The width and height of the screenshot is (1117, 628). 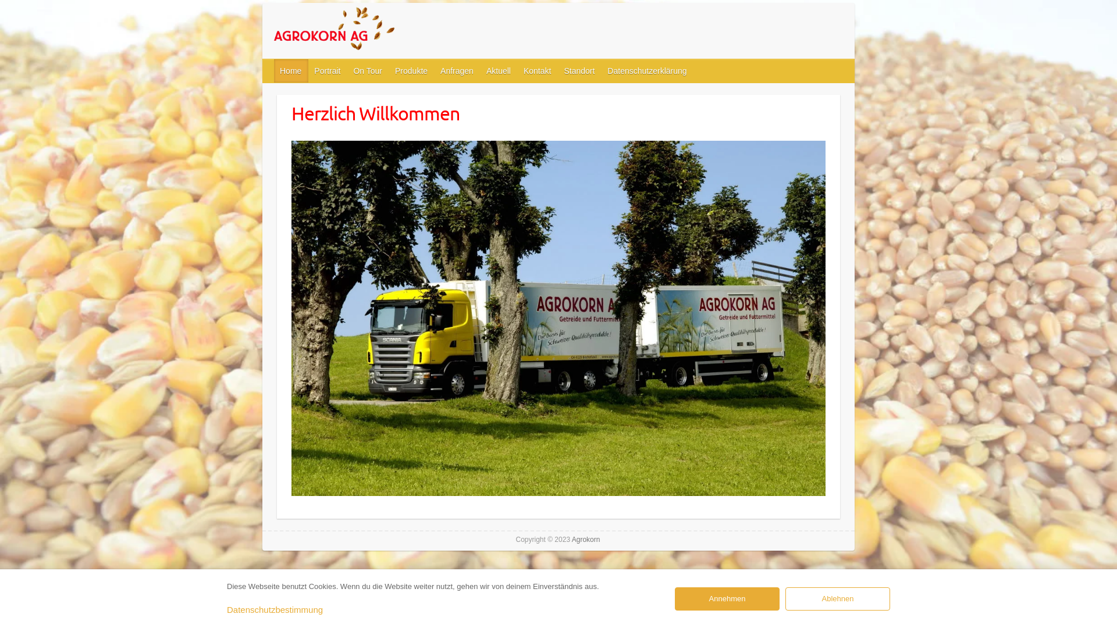 I want to click on 'Portrait', so click(x=327, y=71).